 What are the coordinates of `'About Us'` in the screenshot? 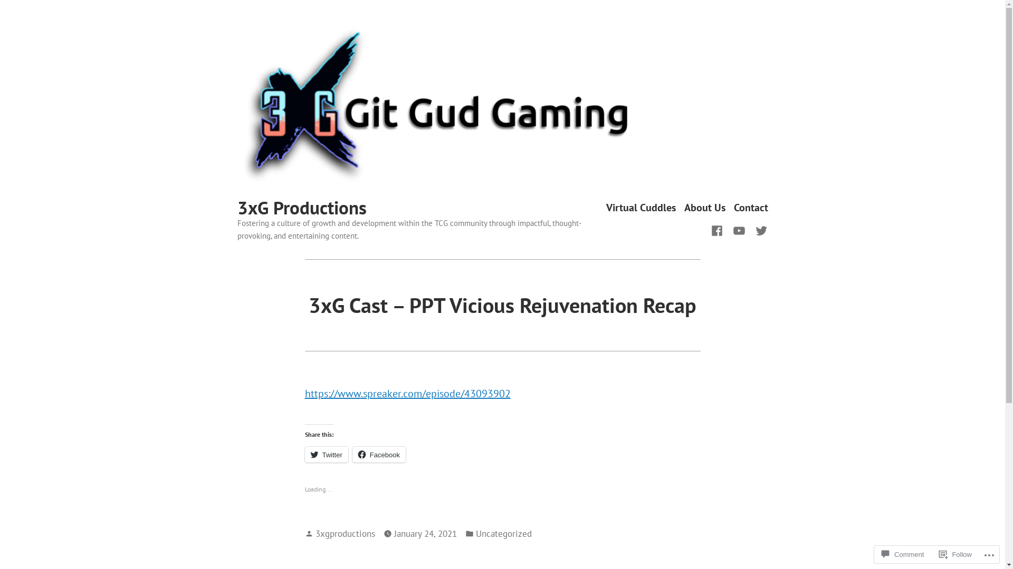 It's located at (684, 208).